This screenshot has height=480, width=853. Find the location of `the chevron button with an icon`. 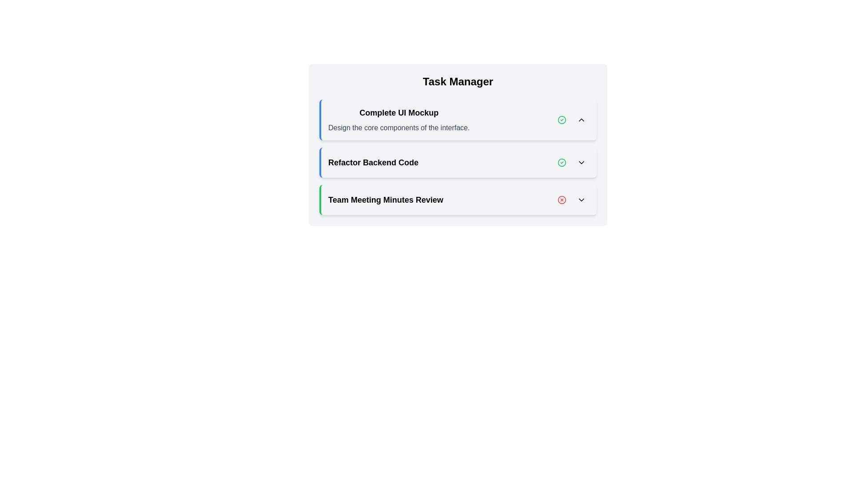

the chevron button with an icon is located at coordinates (582, 200).